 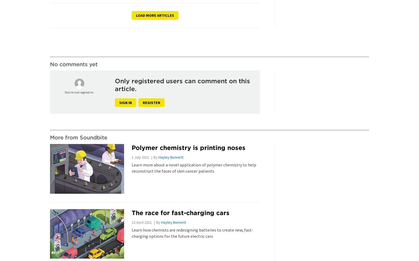 I want to click on '22 April 2021', so click(x=141, y=222).